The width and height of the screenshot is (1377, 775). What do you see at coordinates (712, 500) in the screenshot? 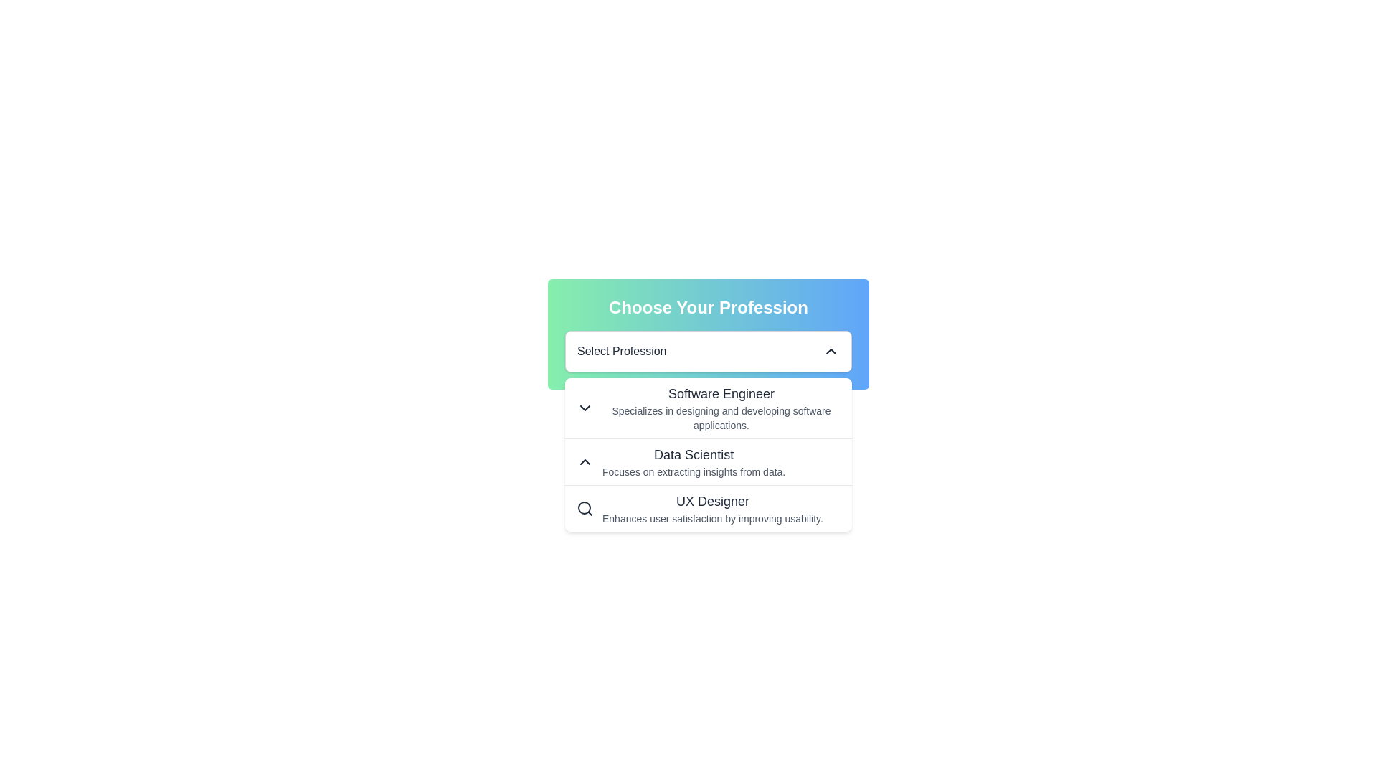
I see `the 'UX Designer' option in the dropdown list` at bounding box center [712, 500].